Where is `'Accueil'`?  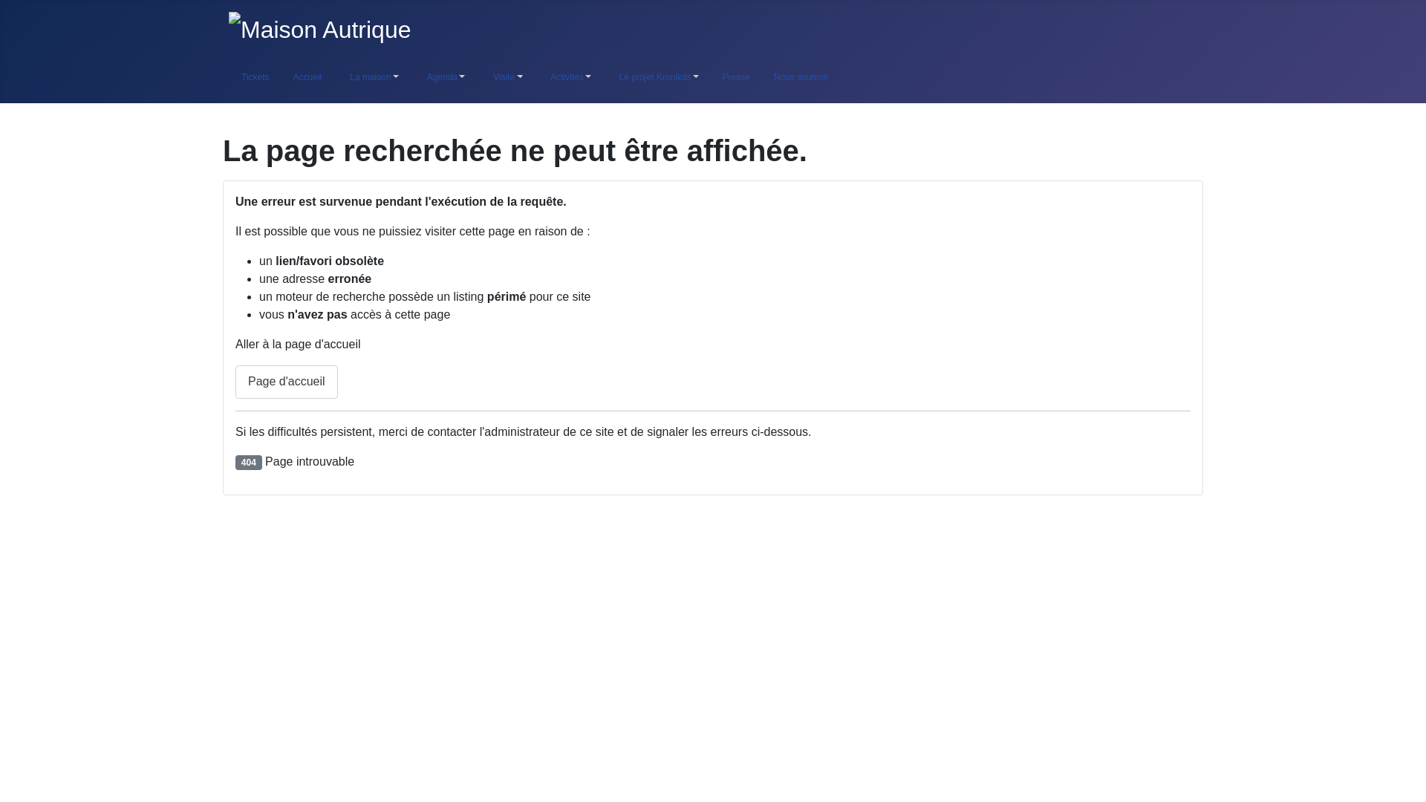 'Accueil' is located at coordinates (306, 77).